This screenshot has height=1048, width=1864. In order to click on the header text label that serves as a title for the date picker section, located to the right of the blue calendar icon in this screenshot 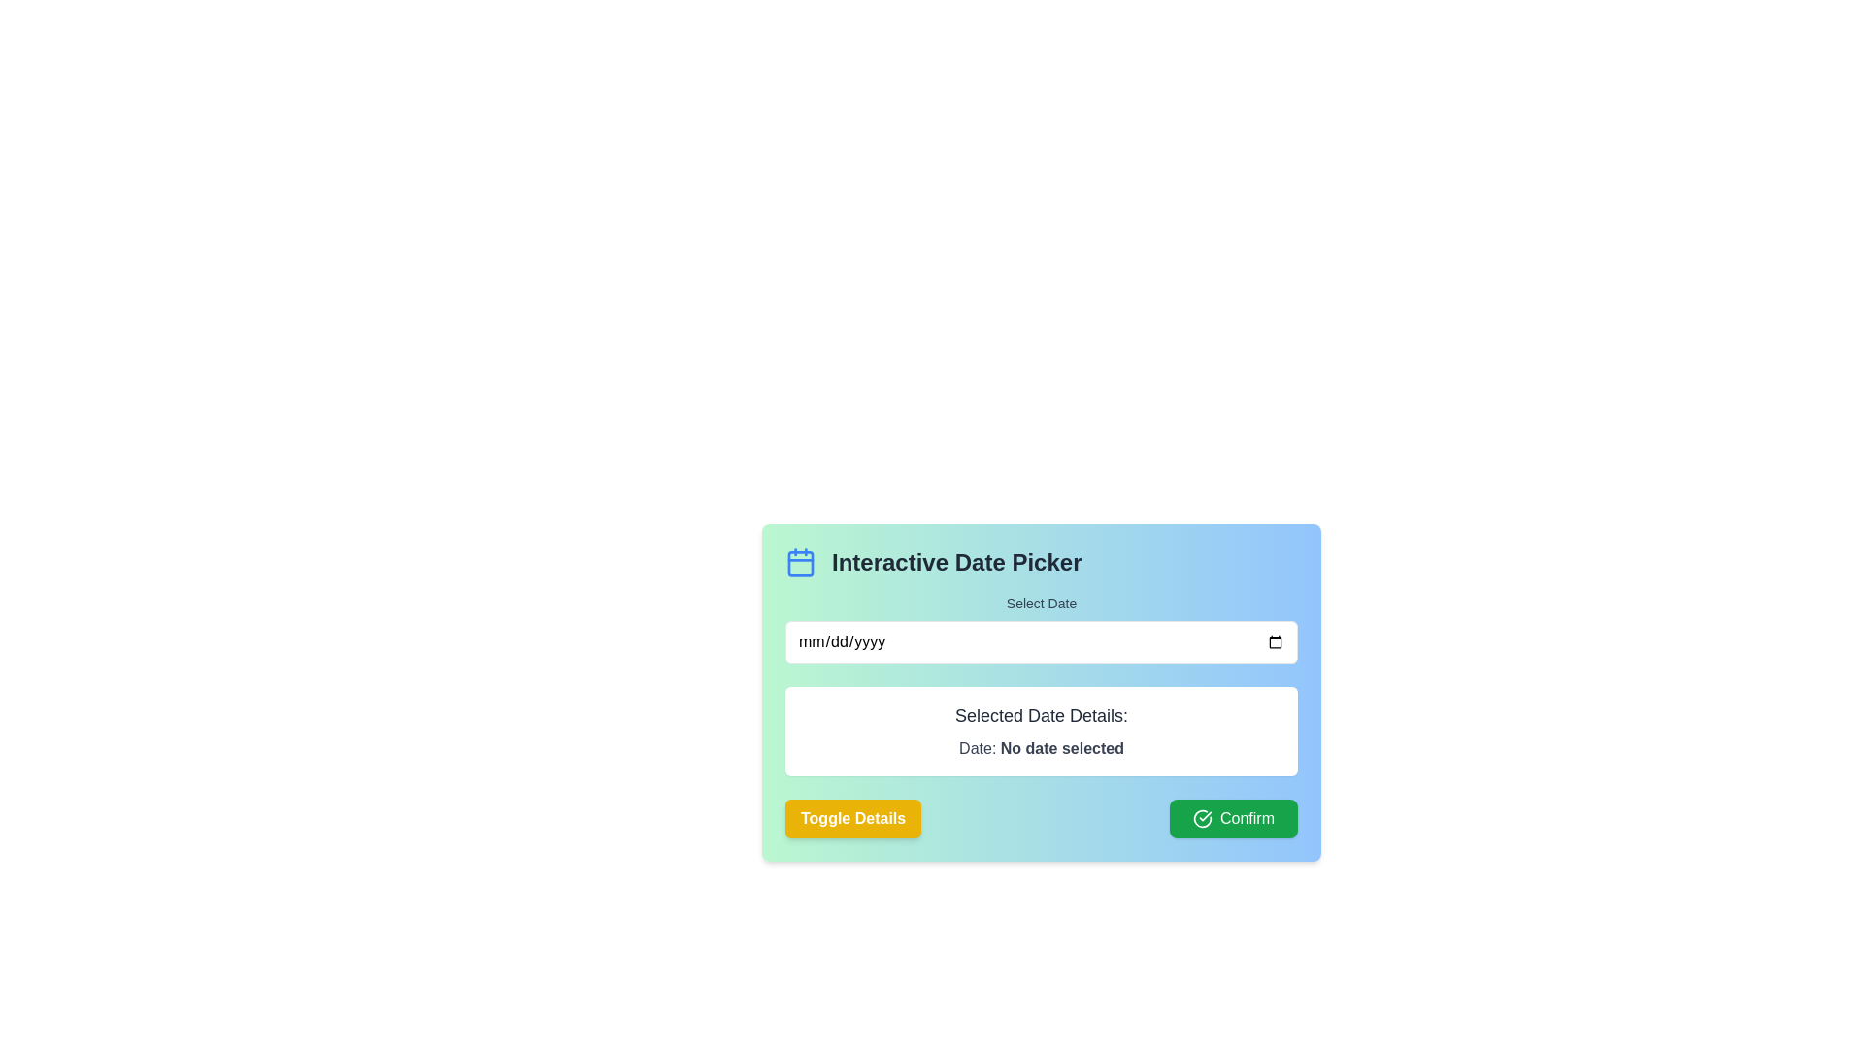, I will do `click(956, 562)`.